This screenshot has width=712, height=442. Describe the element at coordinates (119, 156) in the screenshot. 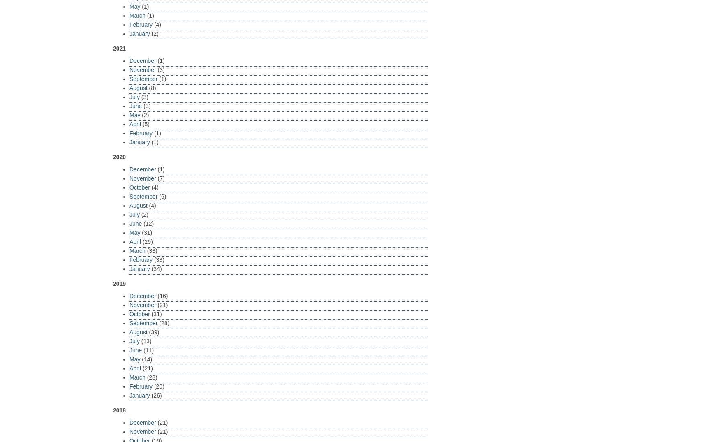

I see `'2020'` at that location.